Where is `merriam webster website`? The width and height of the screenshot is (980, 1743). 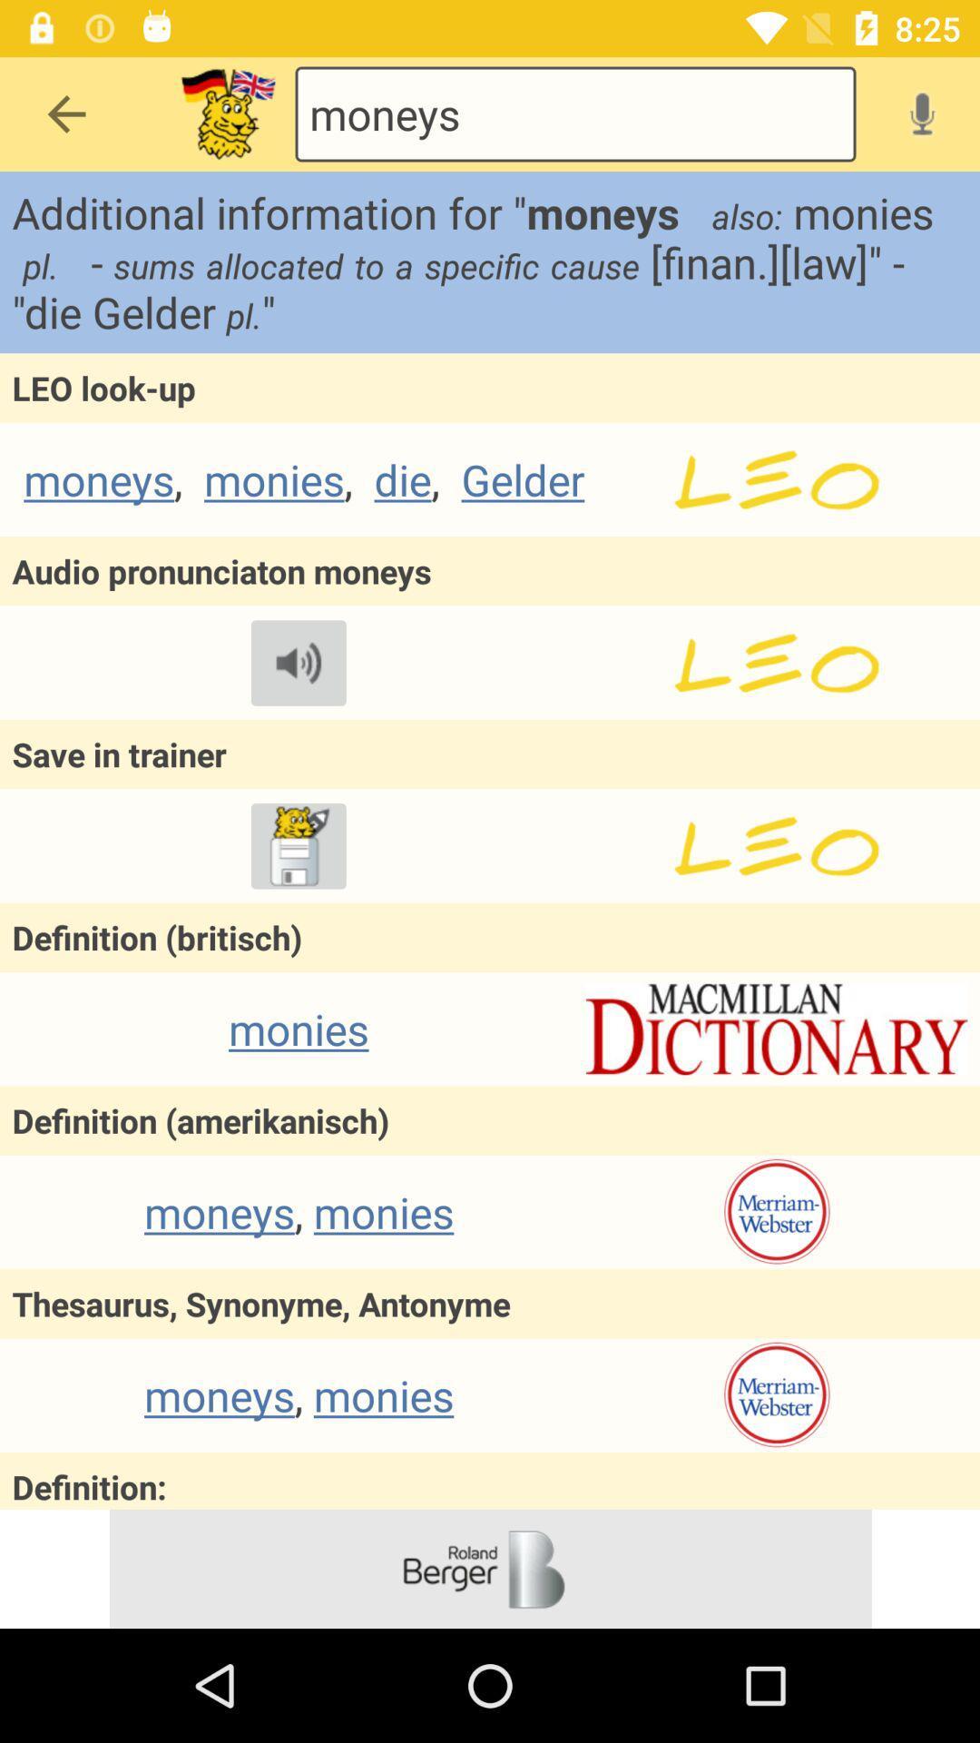 merriam webster website is located at coordinates (776, 1212).